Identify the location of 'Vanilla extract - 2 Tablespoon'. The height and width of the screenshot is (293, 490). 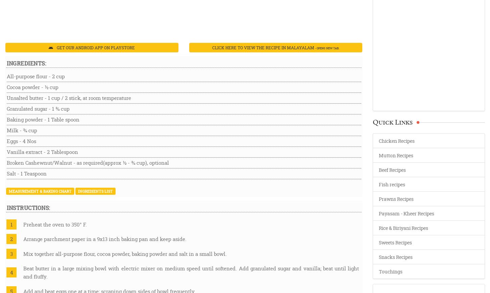
(7, 151).